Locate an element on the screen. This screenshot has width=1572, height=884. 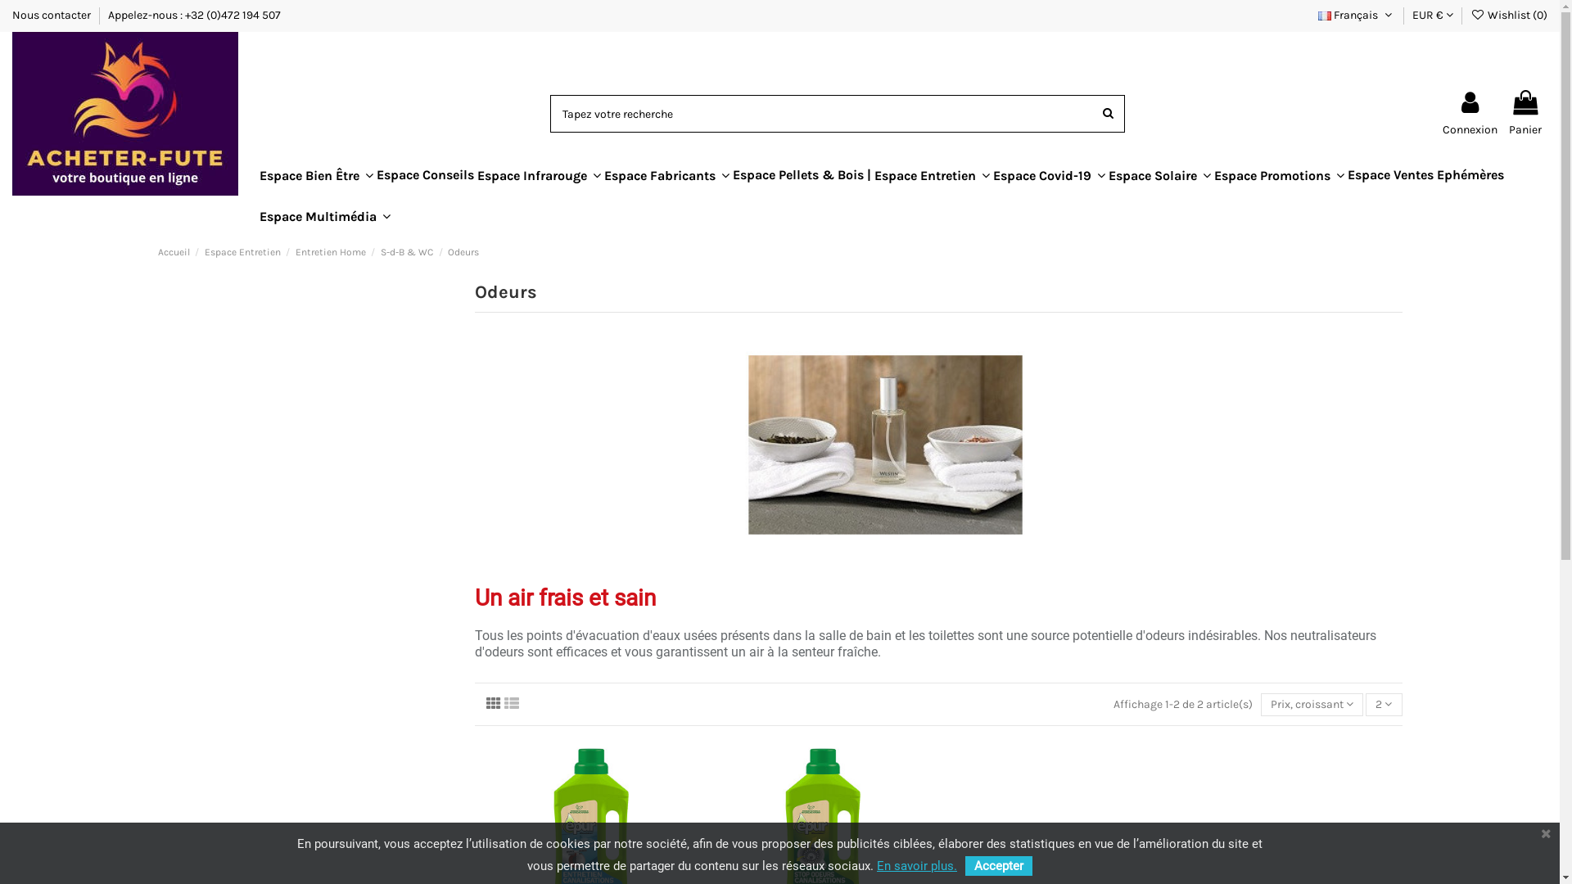
'Accepter' is located at coordinates (965, 864).